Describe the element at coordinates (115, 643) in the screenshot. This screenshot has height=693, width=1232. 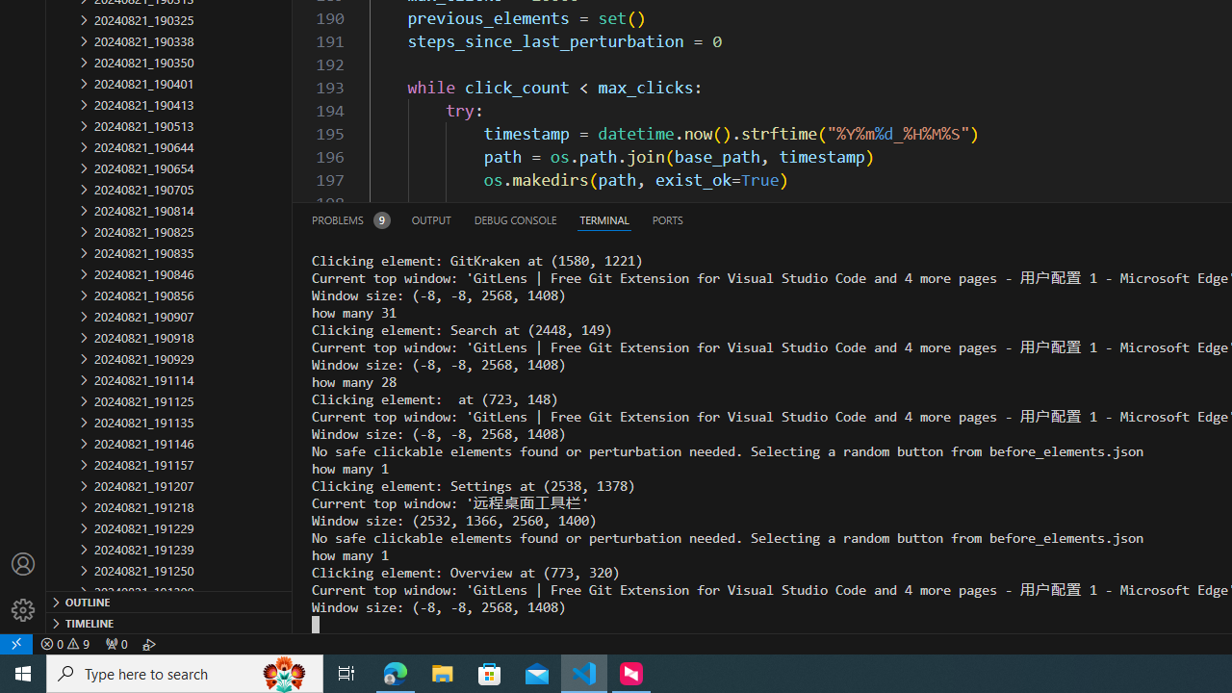
I see `'No Ports Forwarded'` at that location.